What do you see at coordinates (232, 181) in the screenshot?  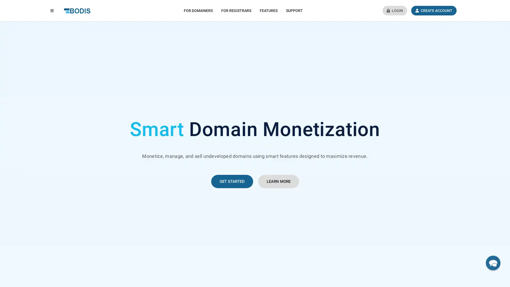 I see `GET STARTED` at bounding box center [232, 181].